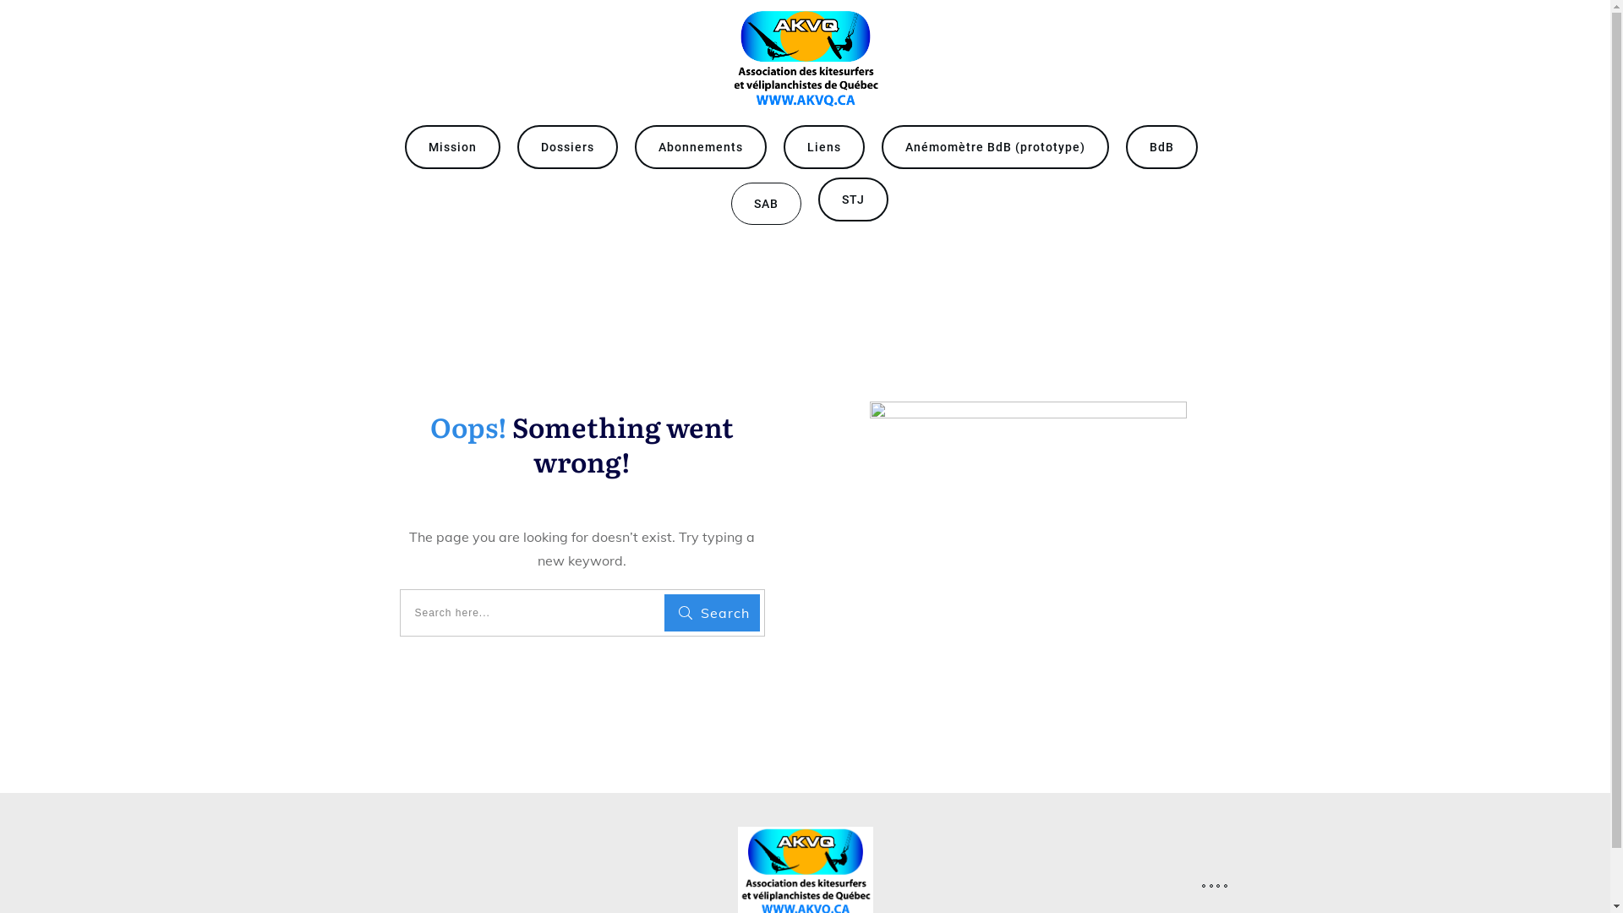 This screenshot has height=913, width=1623. I want to click on '404', so click(1027, 522).